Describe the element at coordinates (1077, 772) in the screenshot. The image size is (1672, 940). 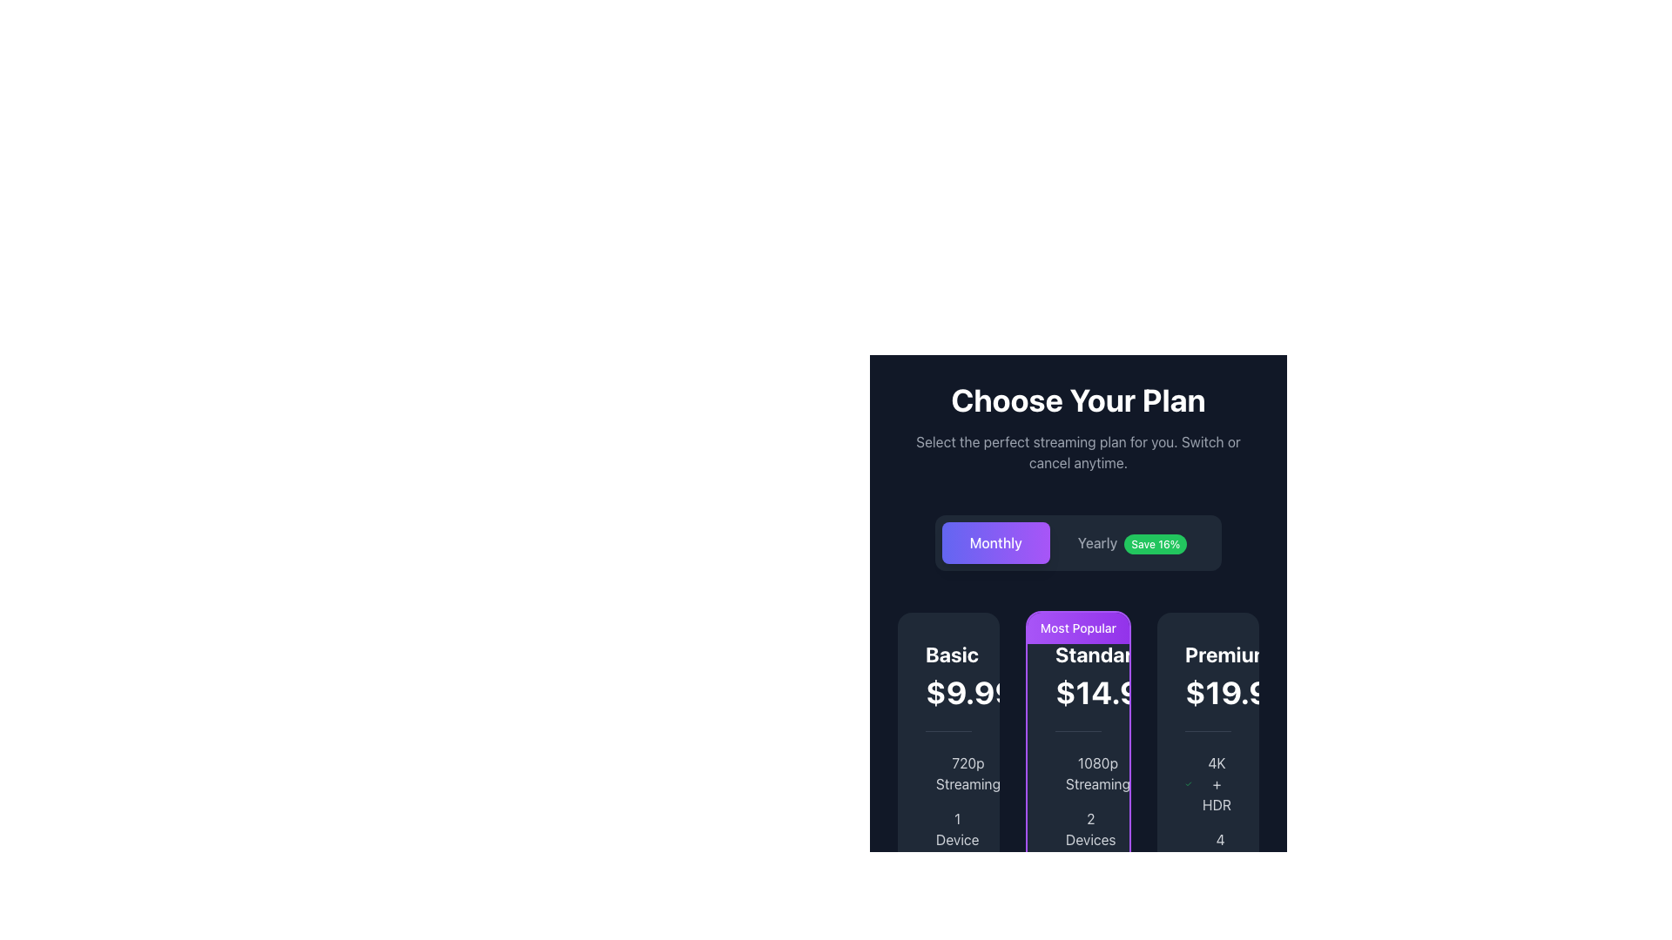
I see `the text label indicating the streaming quality of the 'Standard' plan, which is the first item in the vertical list of features` at that location.